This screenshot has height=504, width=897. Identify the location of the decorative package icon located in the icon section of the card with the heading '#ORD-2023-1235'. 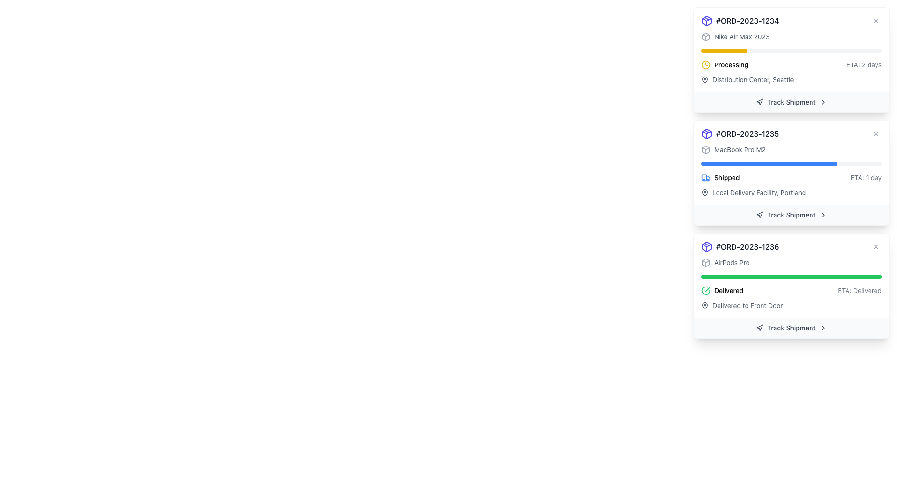
(706, 246).